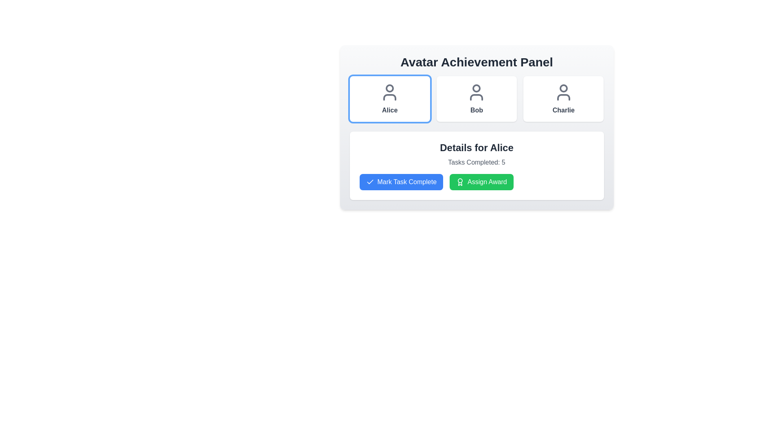 The width and height of the screenshot is (782, 440). Describe the element at coordinates (477, 99) in the screenshot. I see `the user card representing 'Bob', which is the second card in a row of three cards, located between 'Alice' and 'Charlie'` at that location.